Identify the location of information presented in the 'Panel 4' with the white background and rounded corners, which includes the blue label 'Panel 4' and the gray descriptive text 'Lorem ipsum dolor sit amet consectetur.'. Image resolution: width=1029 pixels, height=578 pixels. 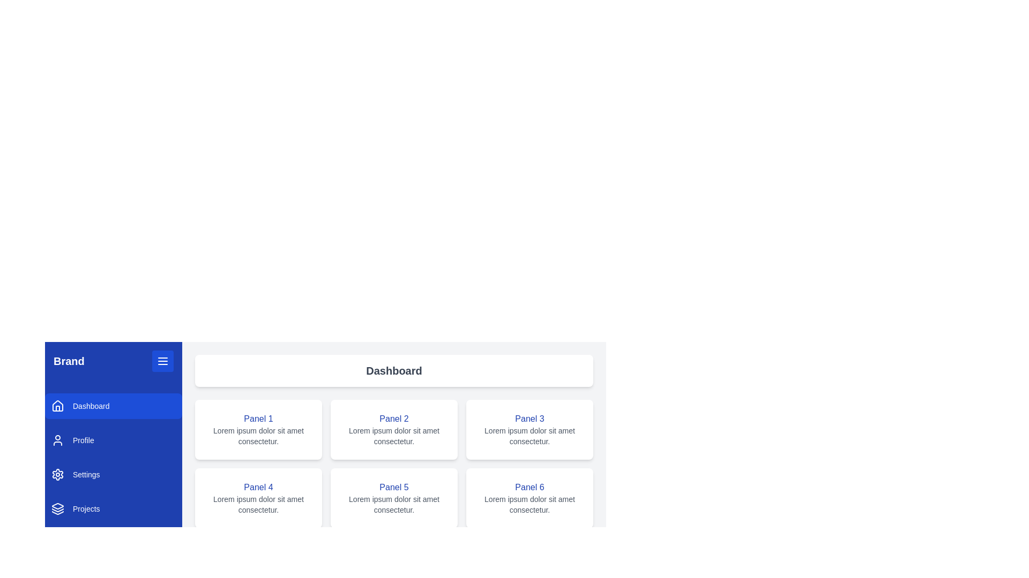
(258, 498).